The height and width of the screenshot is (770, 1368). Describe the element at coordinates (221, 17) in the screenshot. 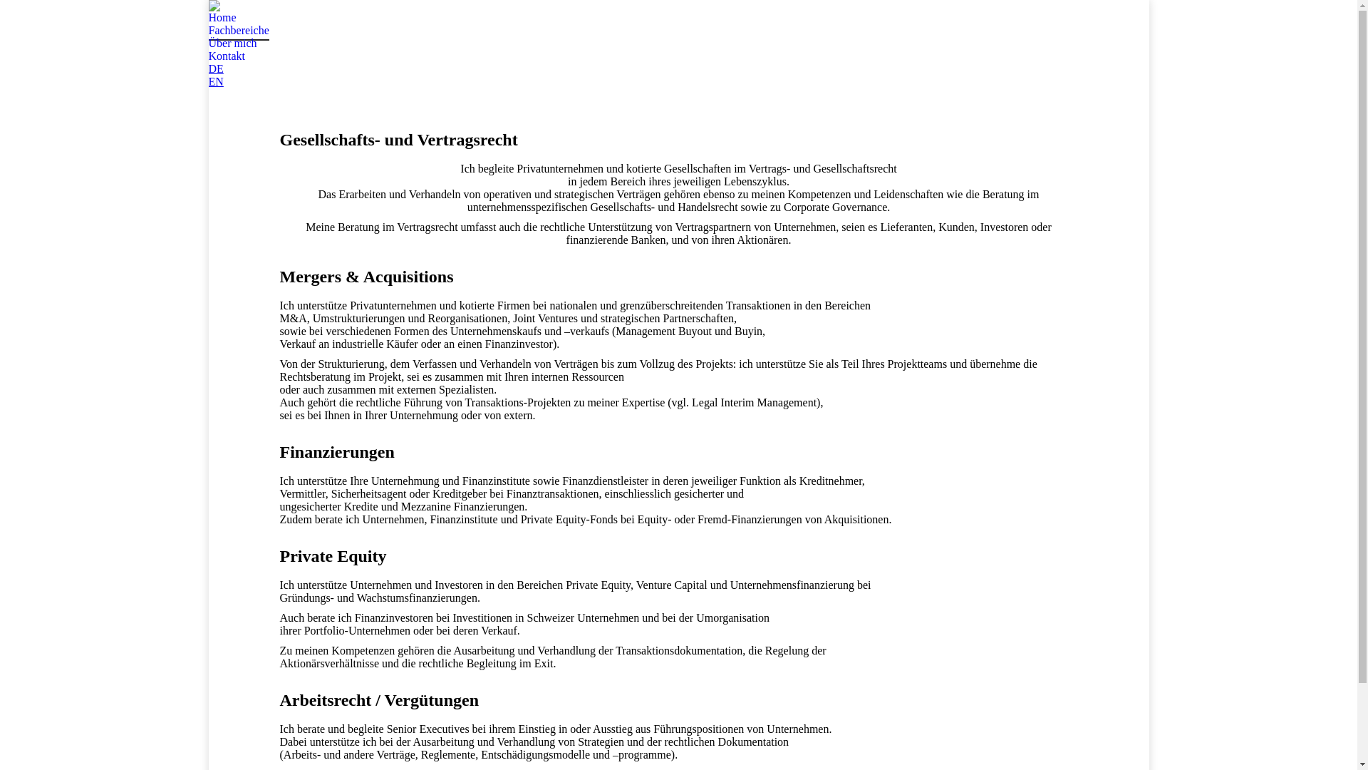

I see `'Home'` at that location.